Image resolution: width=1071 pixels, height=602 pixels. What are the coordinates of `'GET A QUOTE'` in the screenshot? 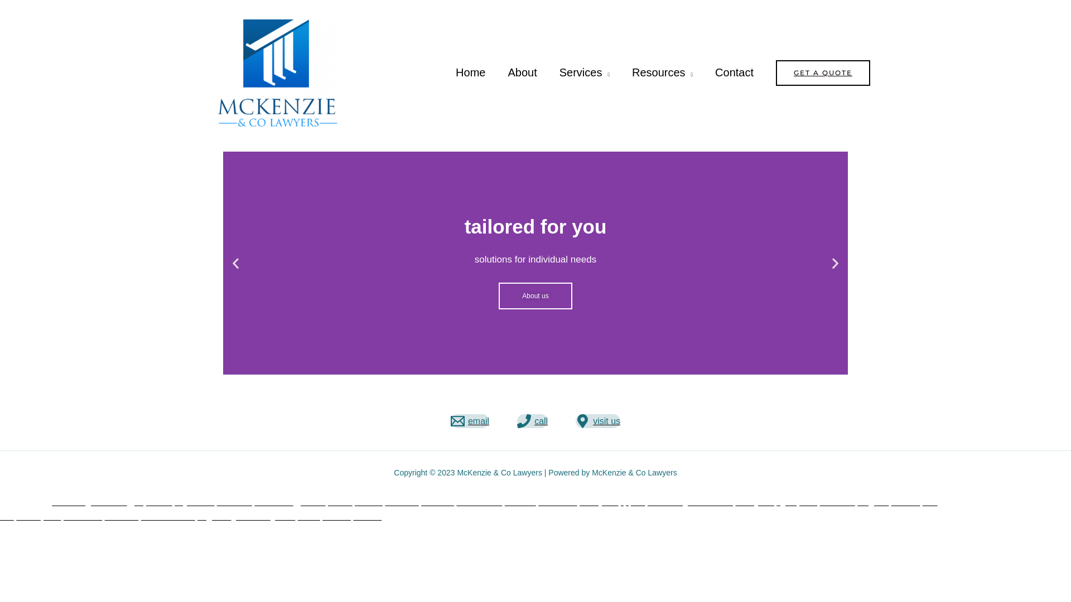 It's located at (823, 73).